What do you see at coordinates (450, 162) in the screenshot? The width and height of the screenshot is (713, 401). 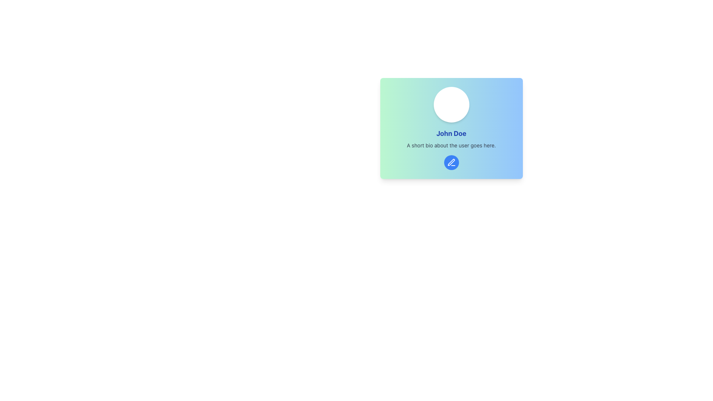 I see `the 'pen' or 'edit' icon located at the center-bottom of the card` at bounding box center [450, 162].